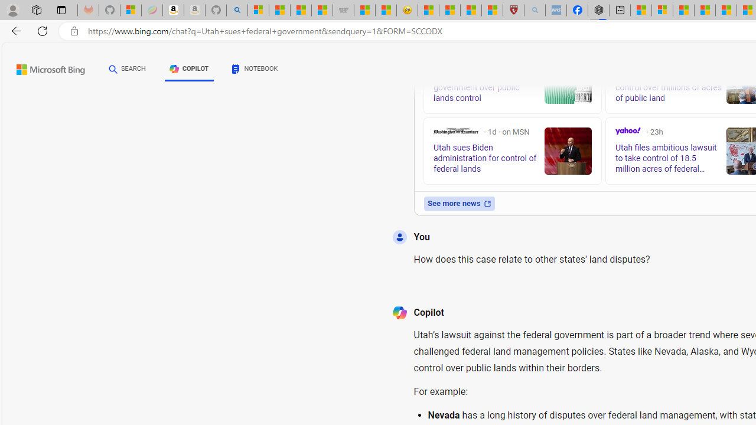 Image resolution: width=756 pixels, height=425 pixels. What do you see at coordinates (255, 69) in the screenshot?
I see `'NOTEBOOK'` at bounding box center [255, 69].